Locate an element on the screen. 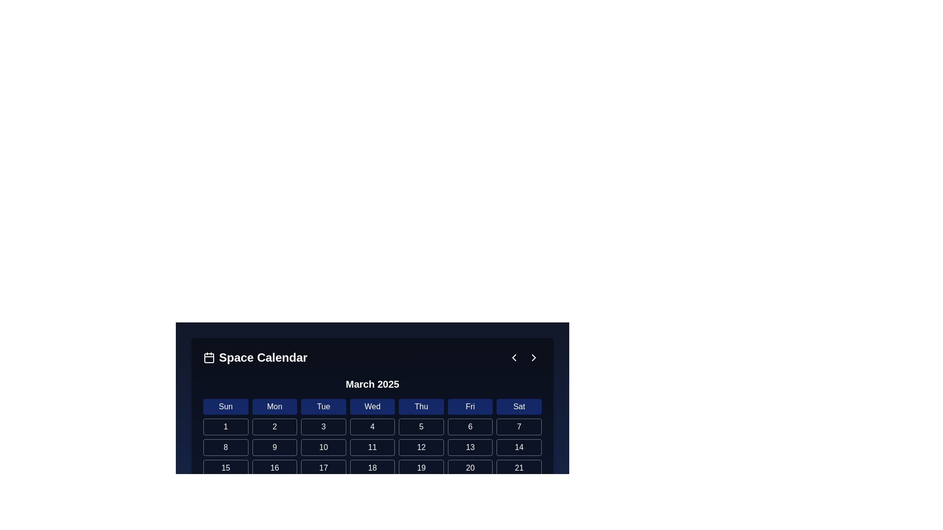  the text label that signifies 'Saturday', which is located in the seventh column of the topmost row in the calendar grid is located at coordinates (519, 407).